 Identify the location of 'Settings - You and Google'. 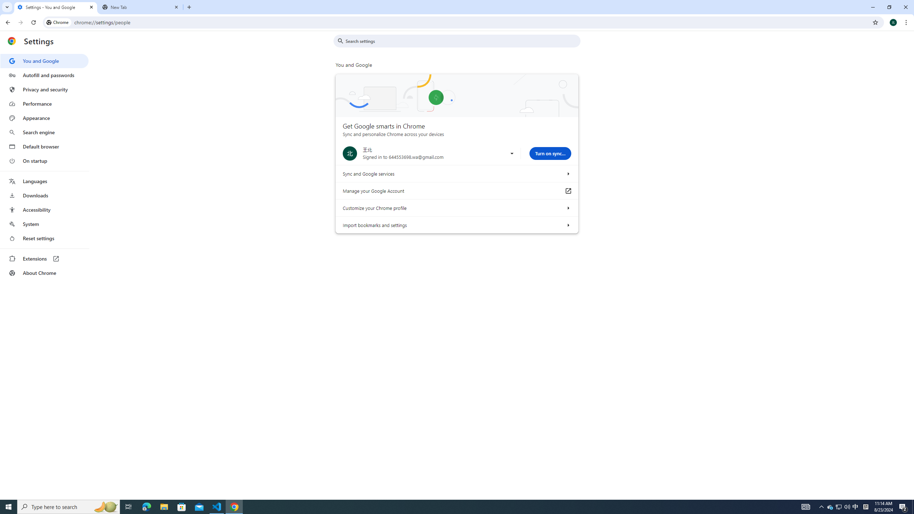
(55, 7).